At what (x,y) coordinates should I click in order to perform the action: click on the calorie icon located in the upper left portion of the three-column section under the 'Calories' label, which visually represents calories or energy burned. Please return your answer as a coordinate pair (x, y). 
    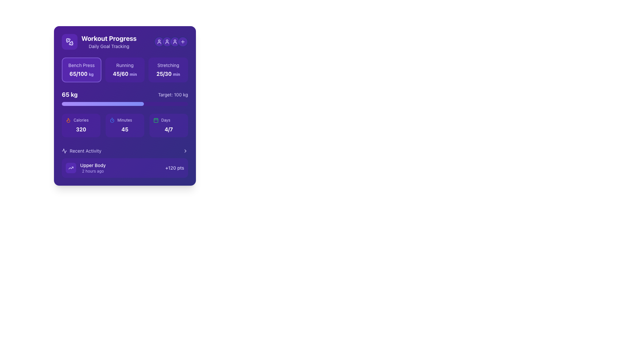
    Looking at the image, I should click on (68, 120).